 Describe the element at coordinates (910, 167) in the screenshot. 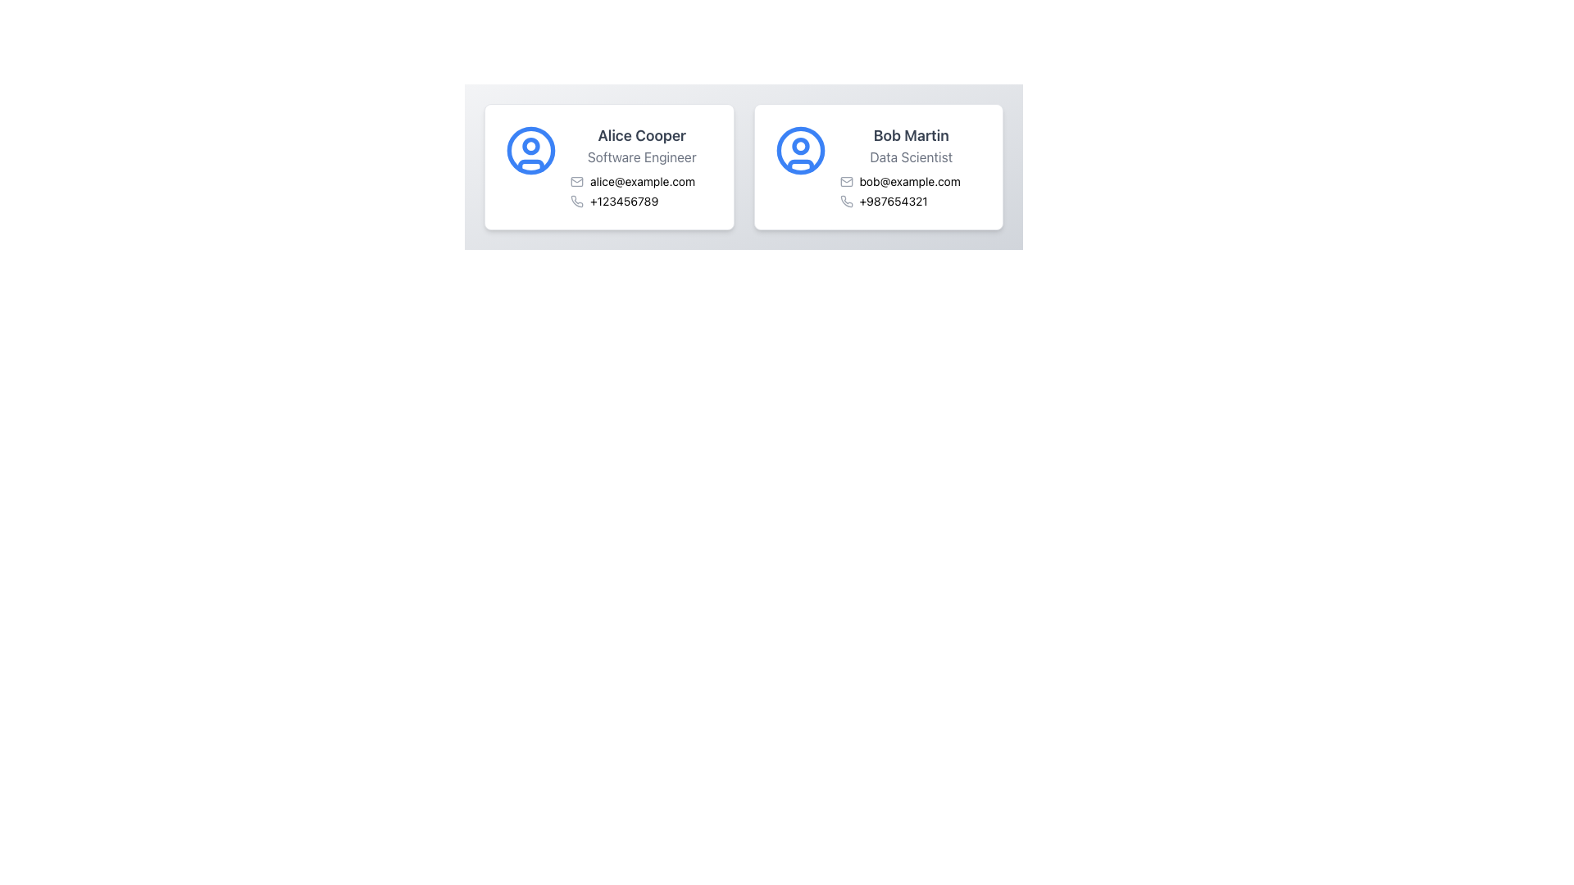

I see `the contact information block displaying contact details for 'Bob Martin'` at that location.